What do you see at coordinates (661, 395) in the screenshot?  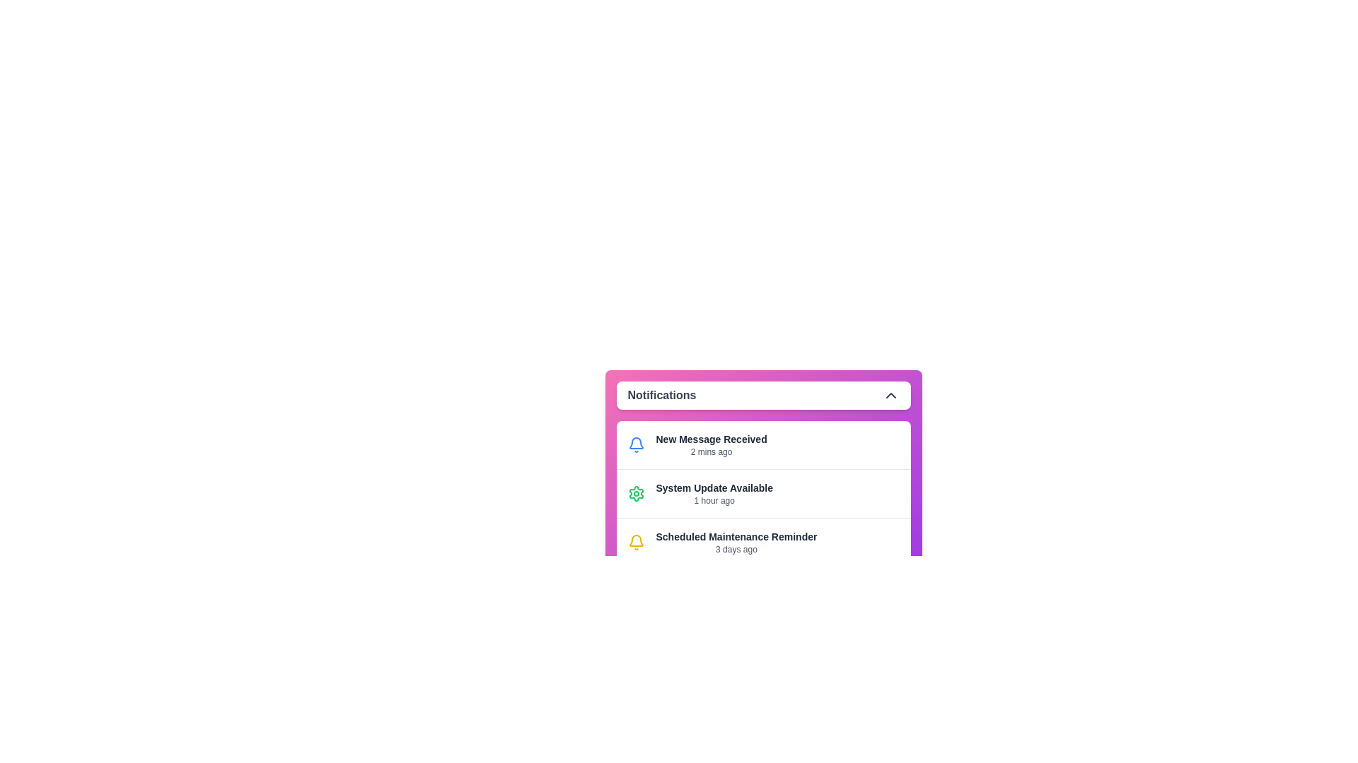 I see `the bold text label reading 'Notifications' in dark gray color located in the top header bar with a white background` at bounding box center [661, 395].